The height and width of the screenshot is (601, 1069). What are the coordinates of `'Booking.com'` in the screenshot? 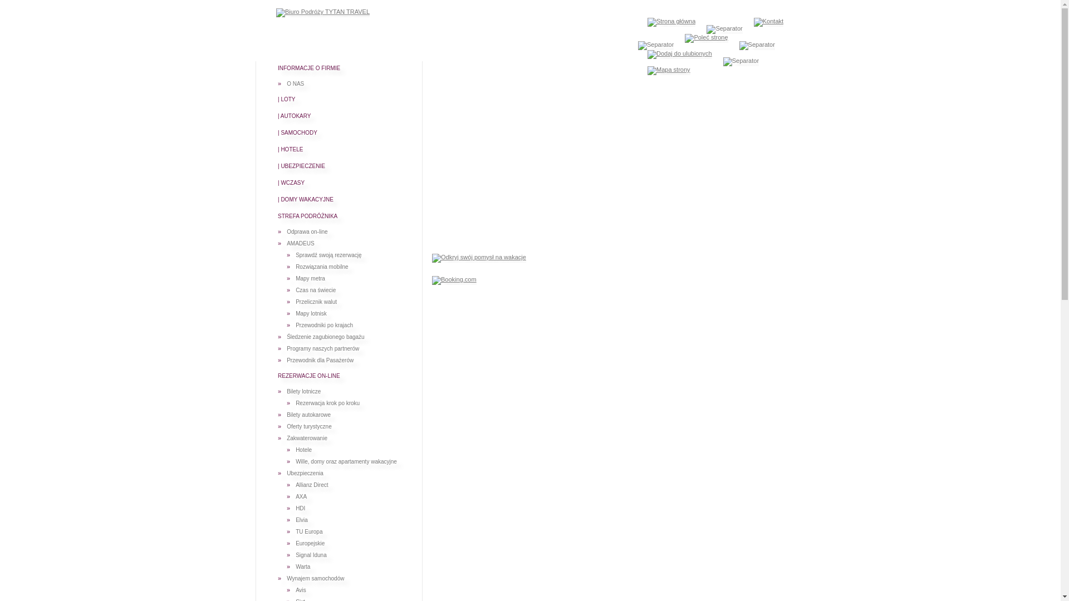 It's located at (454, 280).